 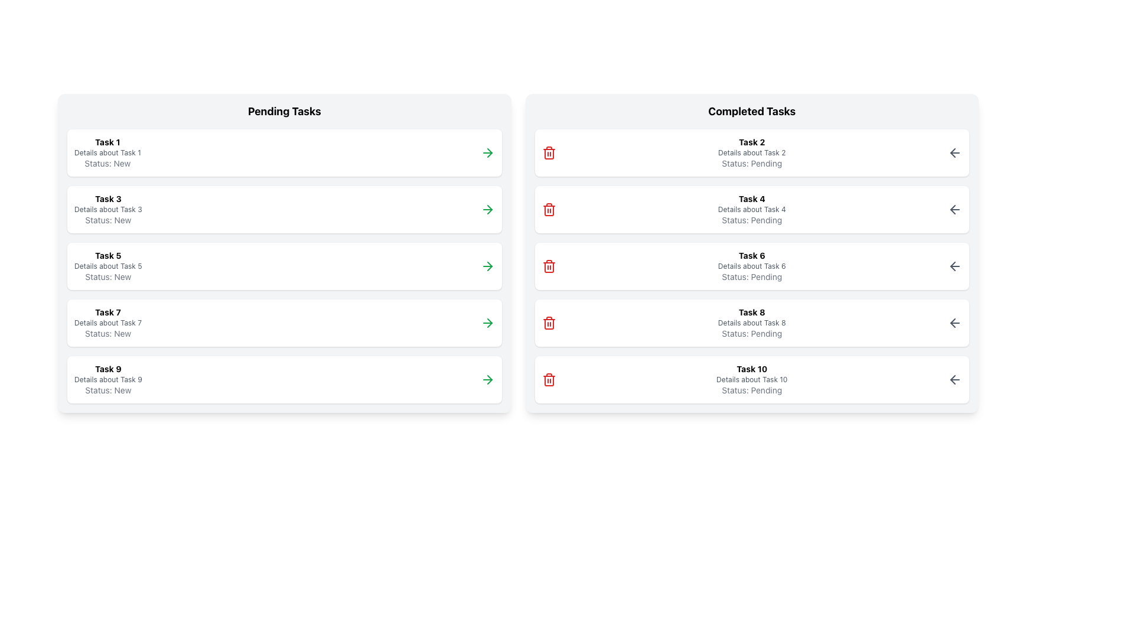 What do you see at coordinates (548, 209) in the screenshot?
I see `the red trash can icon button located to the left of 'Task 4' in the 'Completed Tasks' panel` at bounding box center [548, 209].